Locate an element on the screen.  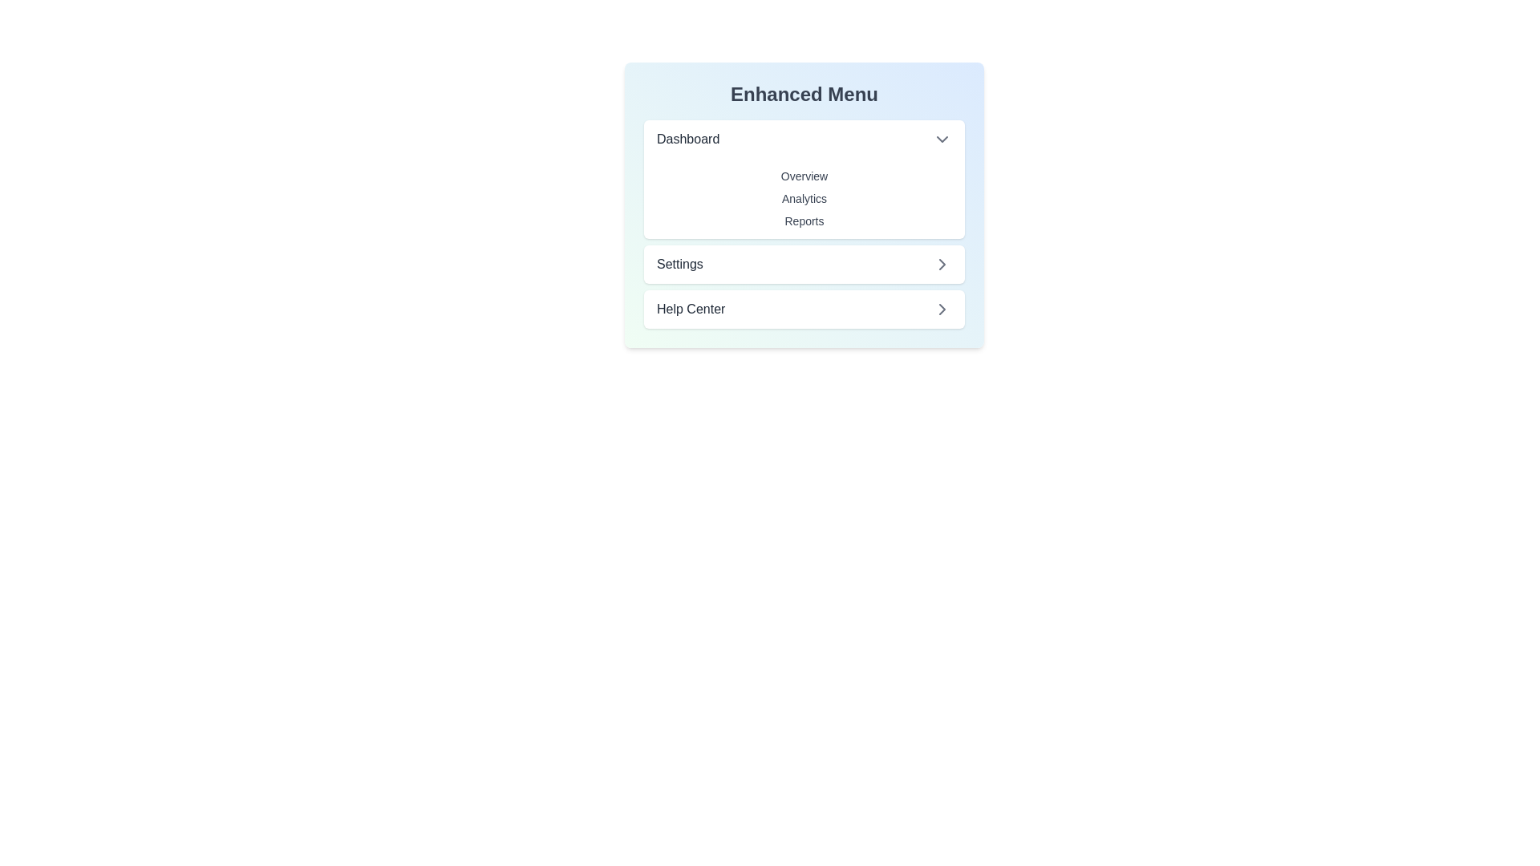
text label indicating the 'Settings' option in the menu, which is located in the second list item of the menu panel, beneath the 'Dashboard' section and above the 'Help Center' section is located at coordinates (679, 264).